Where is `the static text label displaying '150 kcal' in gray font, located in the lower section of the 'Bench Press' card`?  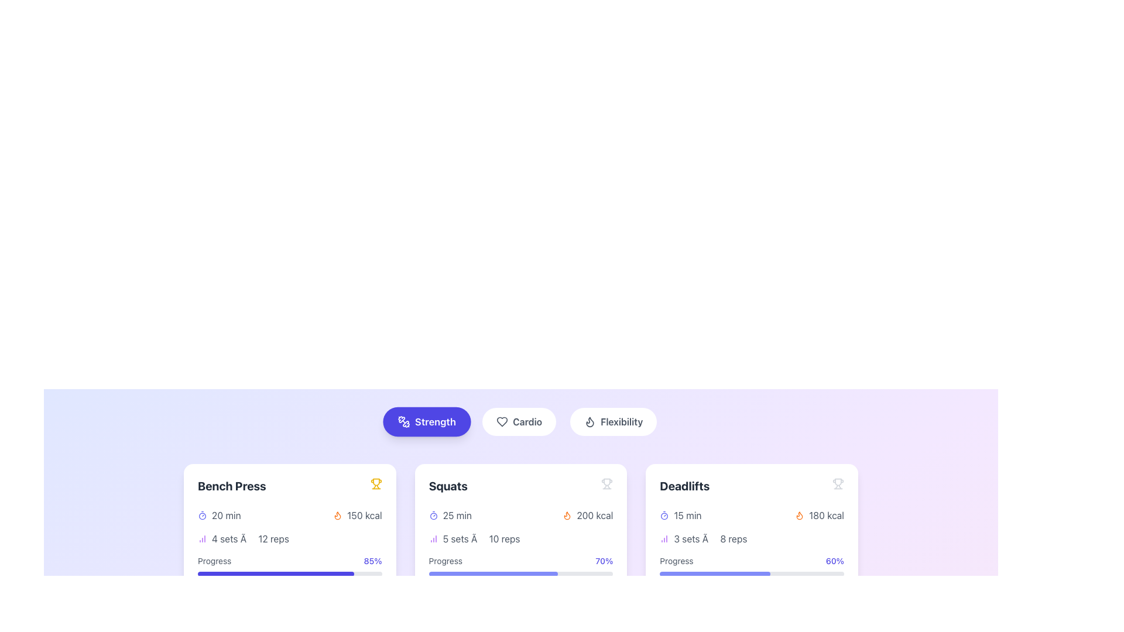 the static text label displaying '150 kcal' in gray font, located in the lower section of the 'Bench Press' card is located at coordinates (364, 514).